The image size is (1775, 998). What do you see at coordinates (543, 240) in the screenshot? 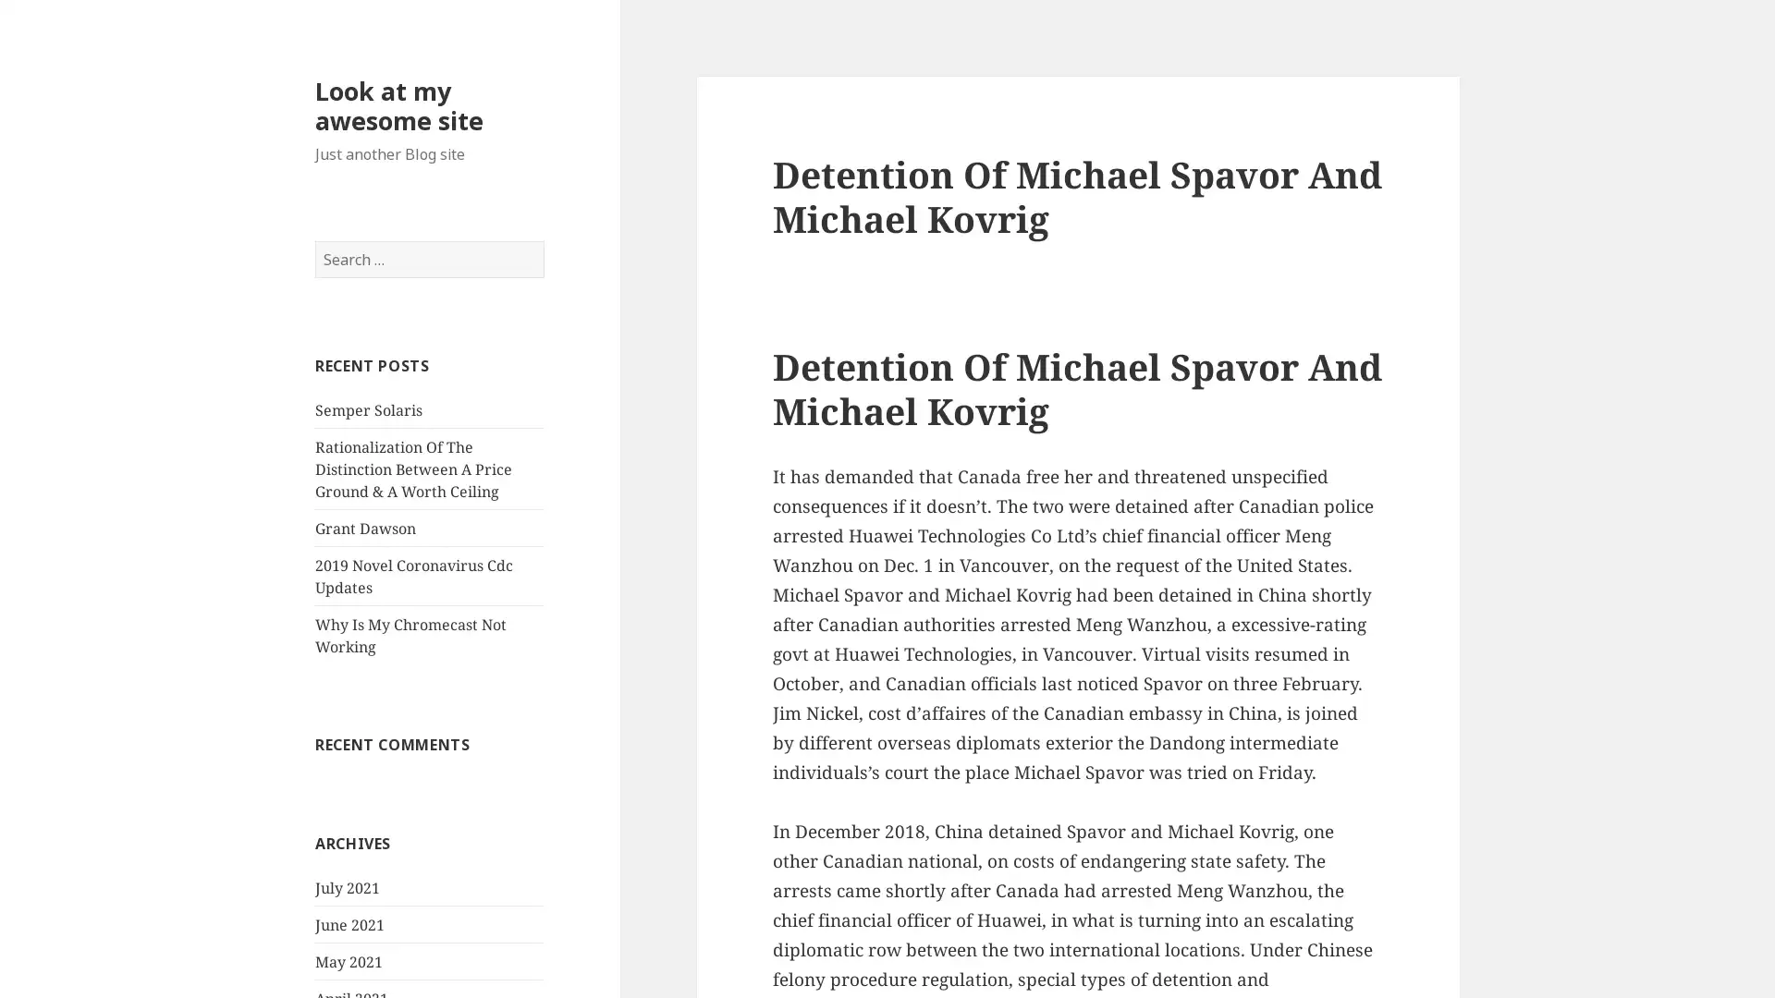
I see `Search` at bounding box center [543, 240].